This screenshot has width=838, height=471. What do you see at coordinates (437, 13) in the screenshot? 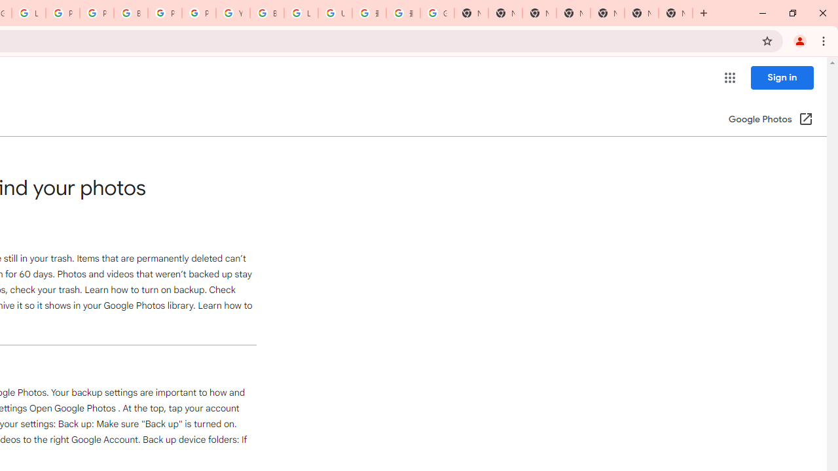
I see `'Google Images'` at bounding box center [437, 13].